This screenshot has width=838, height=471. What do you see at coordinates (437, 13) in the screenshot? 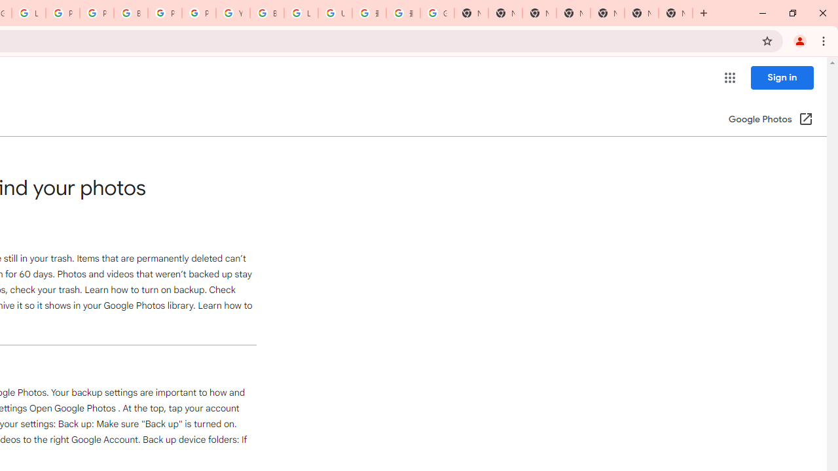
I see `'Google Images'` at bounding box center [437, 13].